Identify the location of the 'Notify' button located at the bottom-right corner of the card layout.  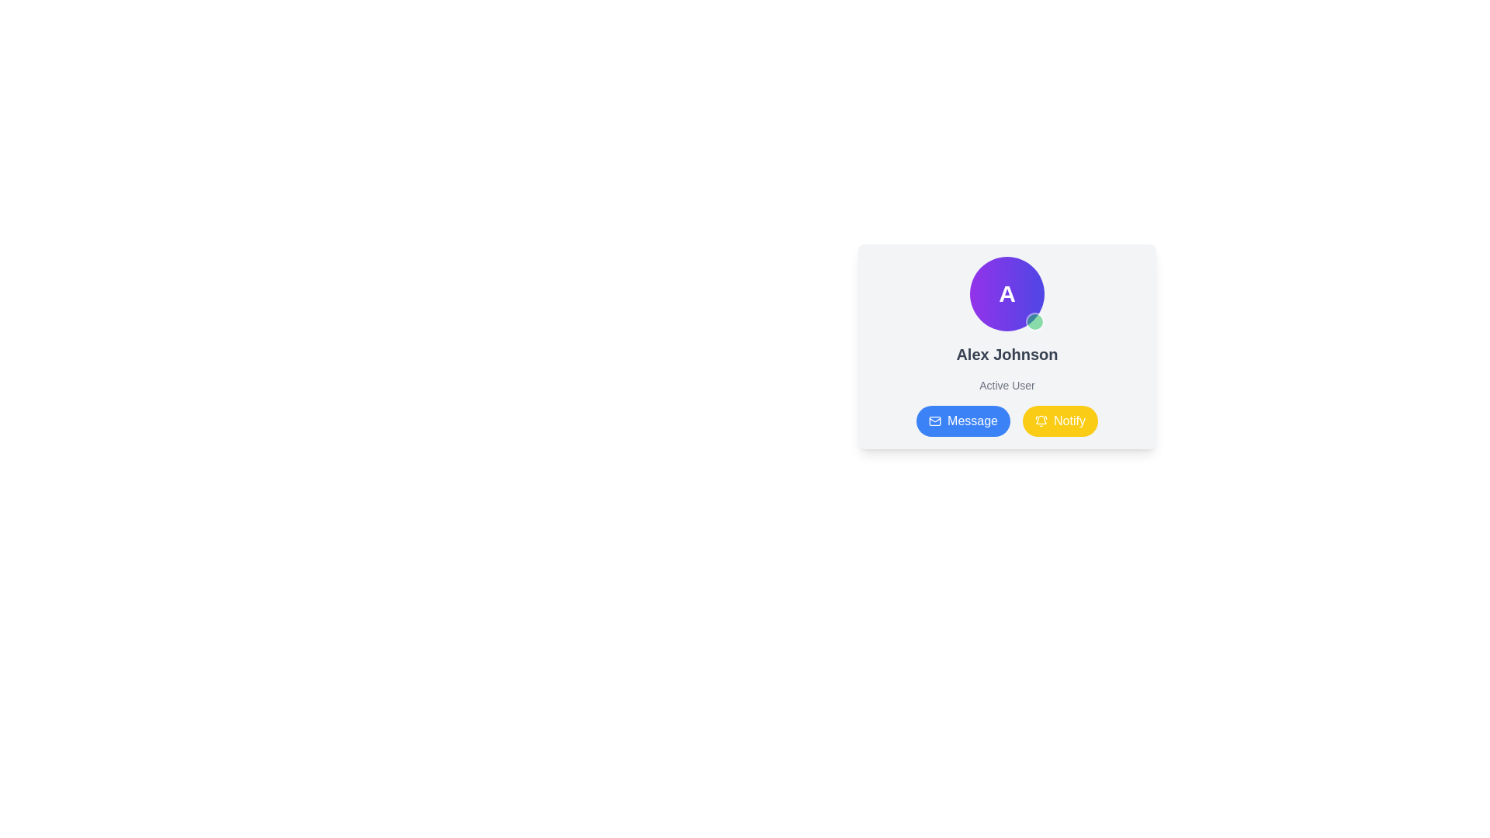
(1059, 421).